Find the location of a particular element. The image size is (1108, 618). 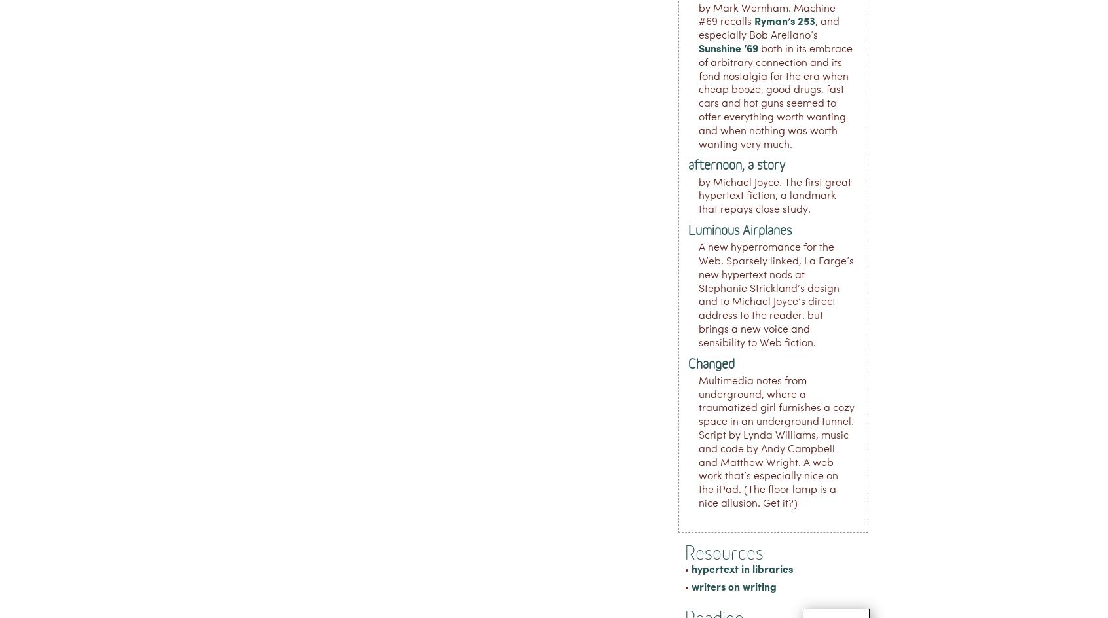

'both in its embrace of arbitrary connection and its fond nostalgia for the era when cheap booze,  good drugs, fast cars and hot guns seemed to offer everything worth wanting and when nothing was worth wanting very much.' is located at coordinates (775, 97).